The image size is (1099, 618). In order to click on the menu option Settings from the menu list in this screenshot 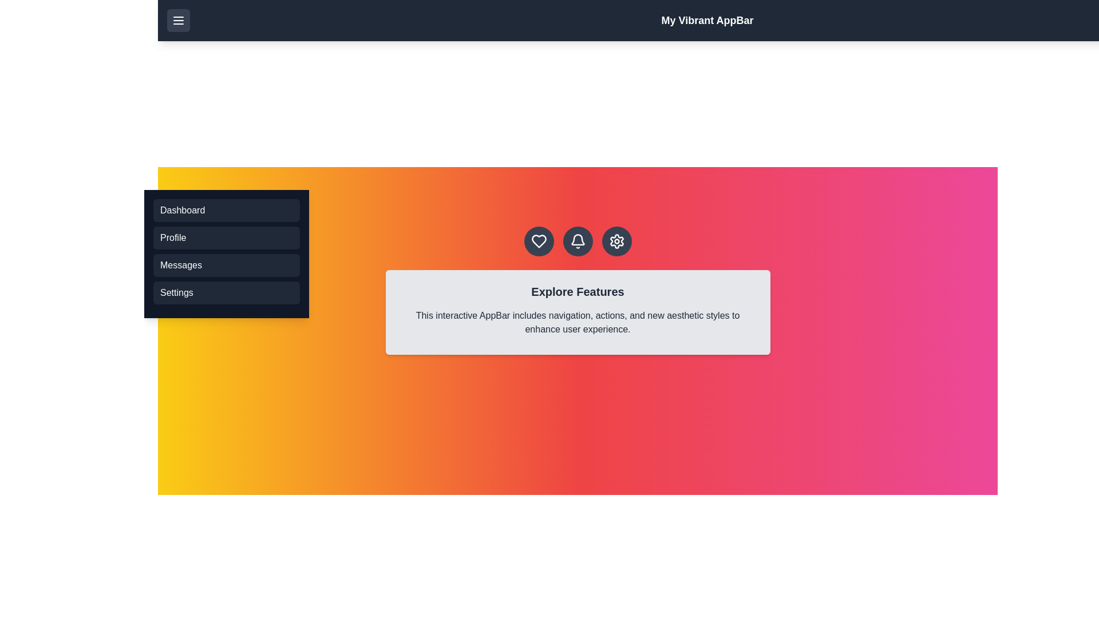, I will do `click(226, 292)`.